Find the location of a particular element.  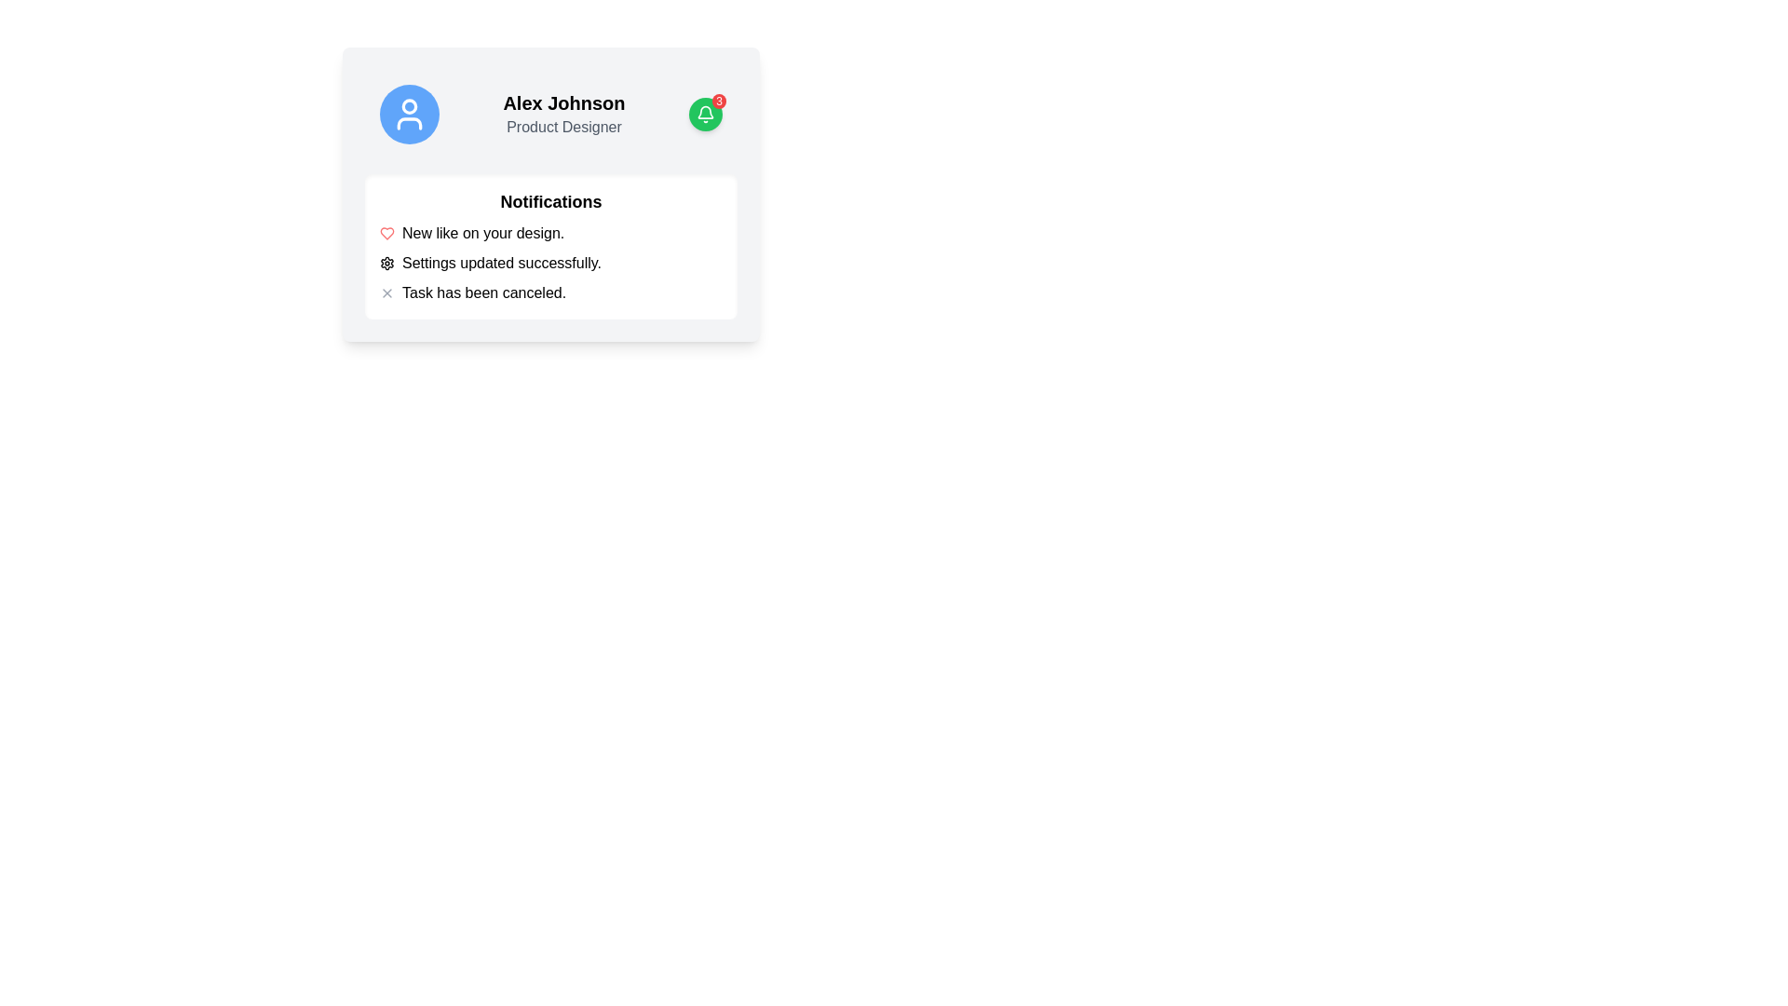

the bell icon located in the upper-right corner of the main profile card, which serves as an indicator for user alerts or system messages is located at coordinates (705, 115).